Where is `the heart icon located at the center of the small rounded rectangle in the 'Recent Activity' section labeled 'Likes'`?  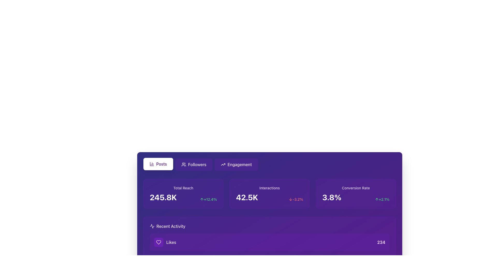
the heart icon located at the center of the small rounded rectangle in the 'Recent Activity' section labeled 'Likes' is located at coordinates (158, 242).